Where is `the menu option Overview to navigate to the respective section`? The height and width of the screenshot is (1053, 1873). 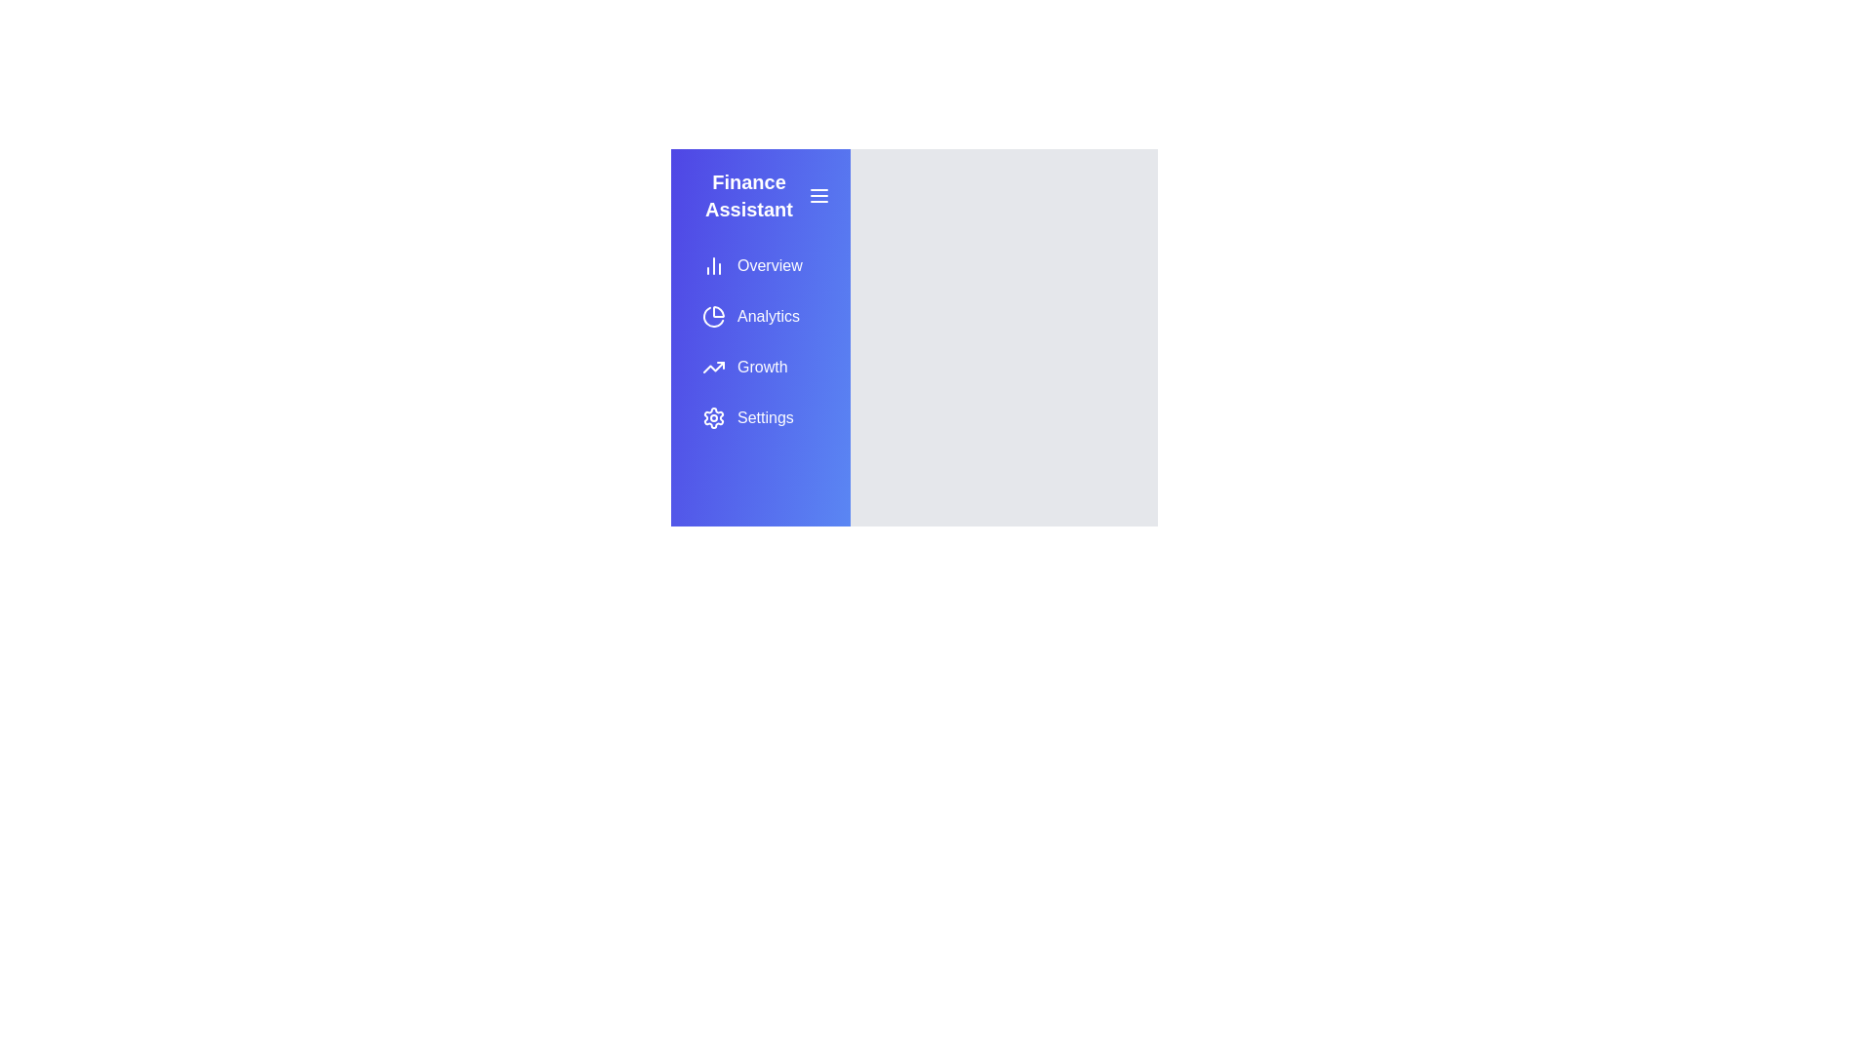 the menu option Overview to navigate to the respective section is located at coordinates (759, 266).